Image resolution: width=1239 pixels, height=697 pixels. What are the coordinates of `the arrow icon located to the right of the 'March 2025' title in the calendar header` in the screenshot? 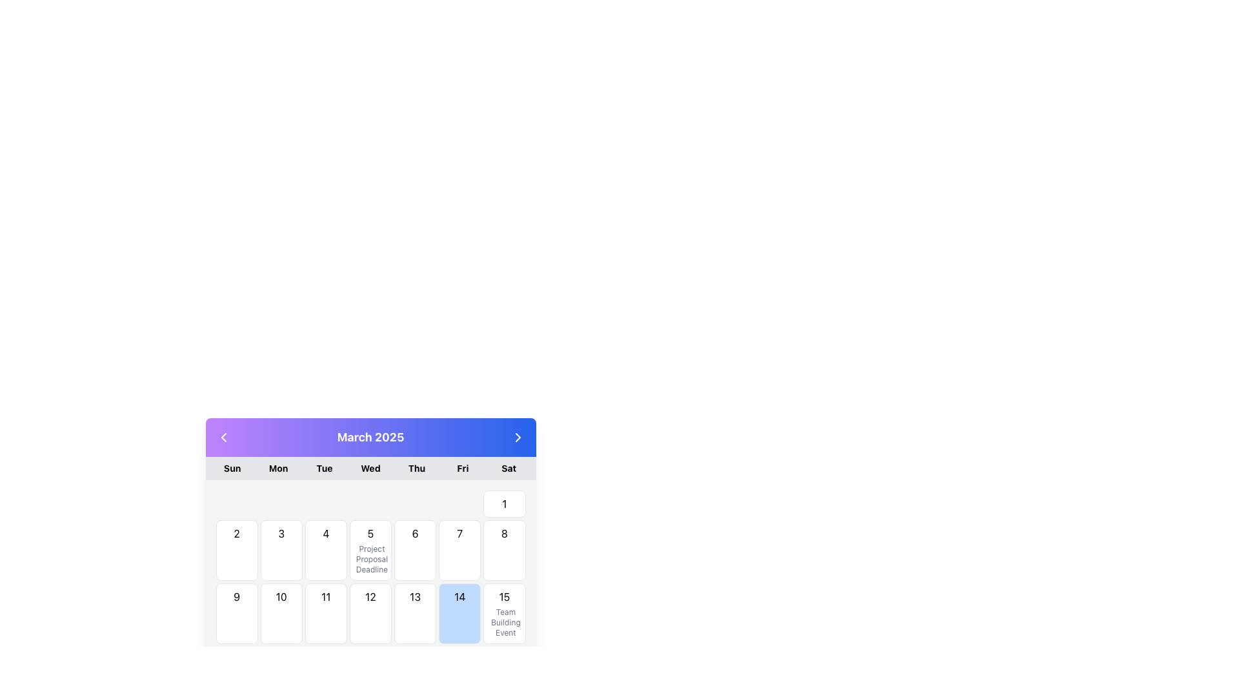 It's located at (518, 437).